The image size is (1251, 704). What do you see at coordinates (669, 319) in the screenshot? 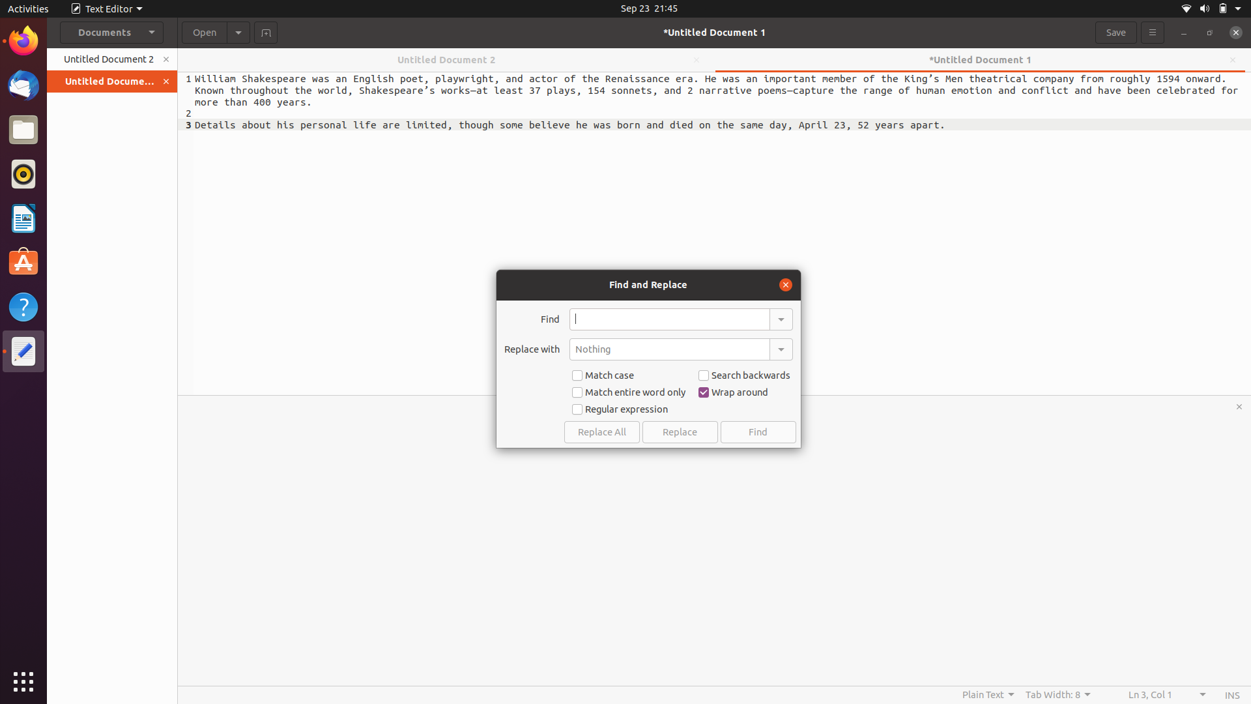
I see `Replace the first word "important" with "prominent" in the document` at bounding box center [669, 319].